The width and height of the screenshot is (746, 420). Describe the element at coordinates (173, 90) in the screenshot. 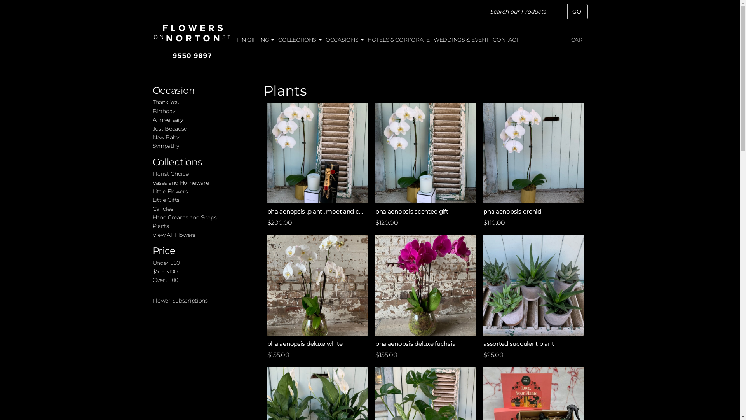

I see `'Occasion'` at that location.